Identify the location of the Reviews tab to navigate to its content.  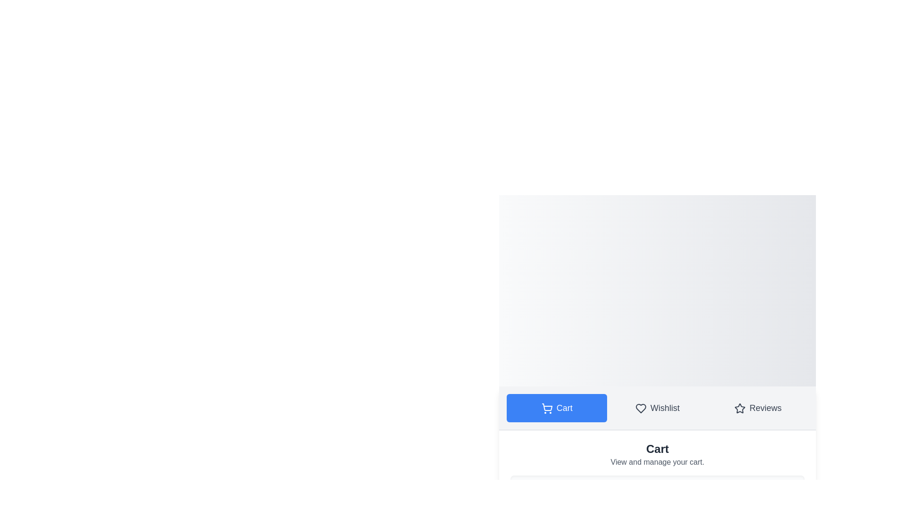
(758, 407).